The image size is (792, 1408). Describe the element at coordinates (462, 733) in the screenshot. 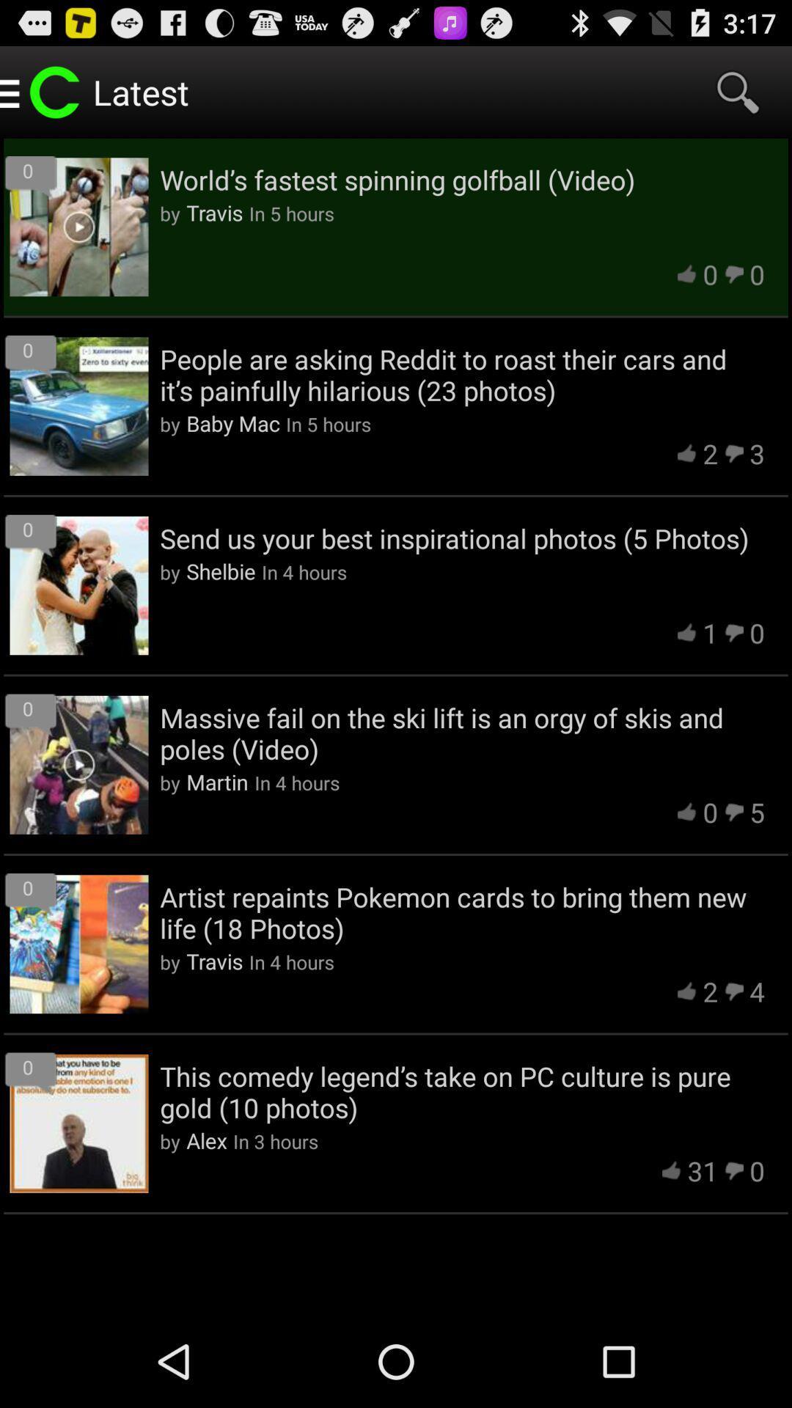

I see `icon below the 1 app` at that location.